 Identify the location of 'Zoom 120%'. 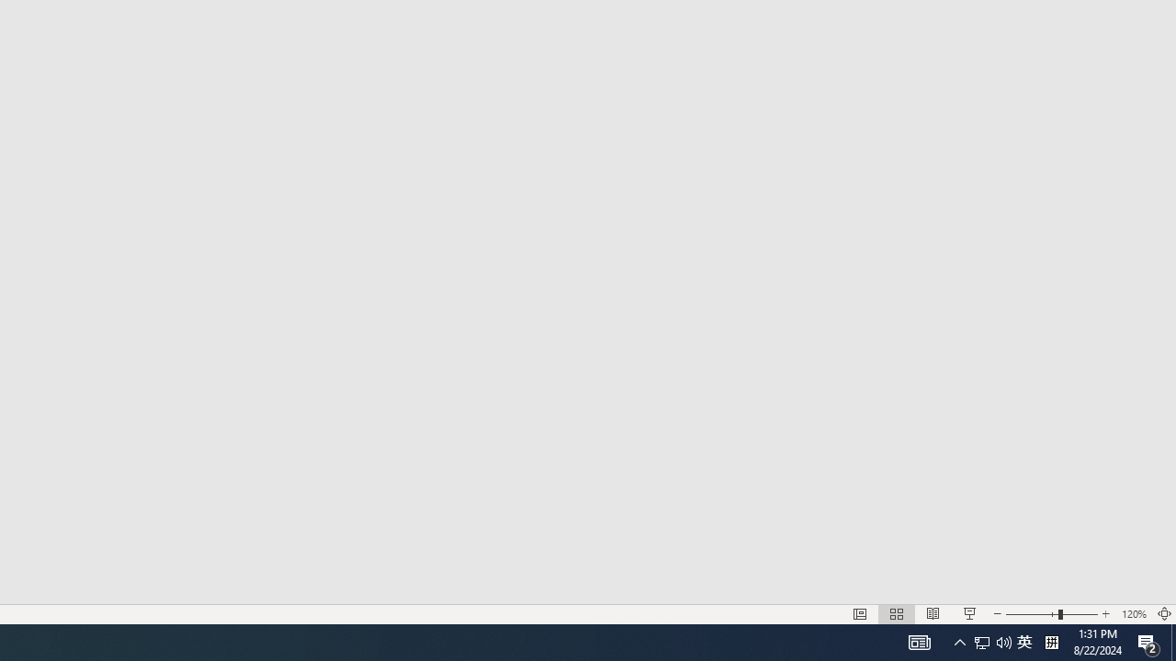
(1133, 614).